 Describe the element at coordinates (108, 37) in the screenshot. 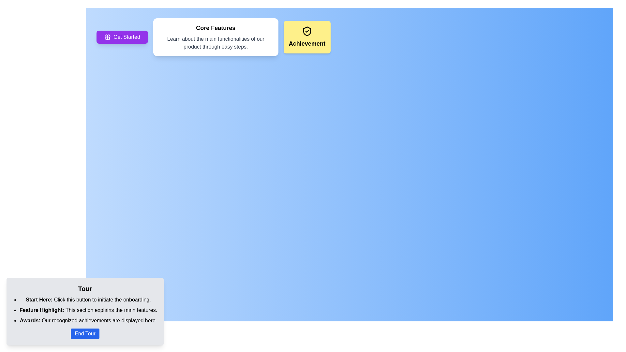

I see `the gift icon located within the purple 'Get Started' button in the top-left portion of the interface` at that location.